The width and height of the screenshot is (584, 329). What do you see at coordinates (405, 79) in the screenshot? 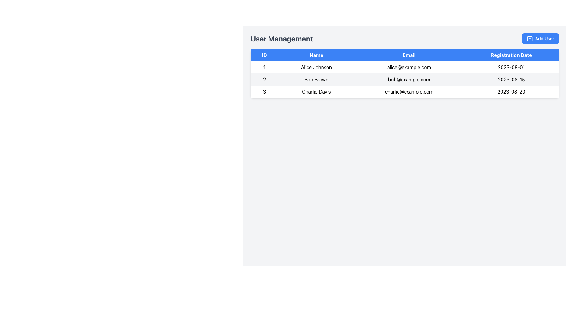
I see `the second row of the 'User Management' table, which displays details for user 'Bob Brown', including ID ('2'), Email ('bob@example.com'), and Registration Date ('2023-08-15')` at bounding box center [405, 79].